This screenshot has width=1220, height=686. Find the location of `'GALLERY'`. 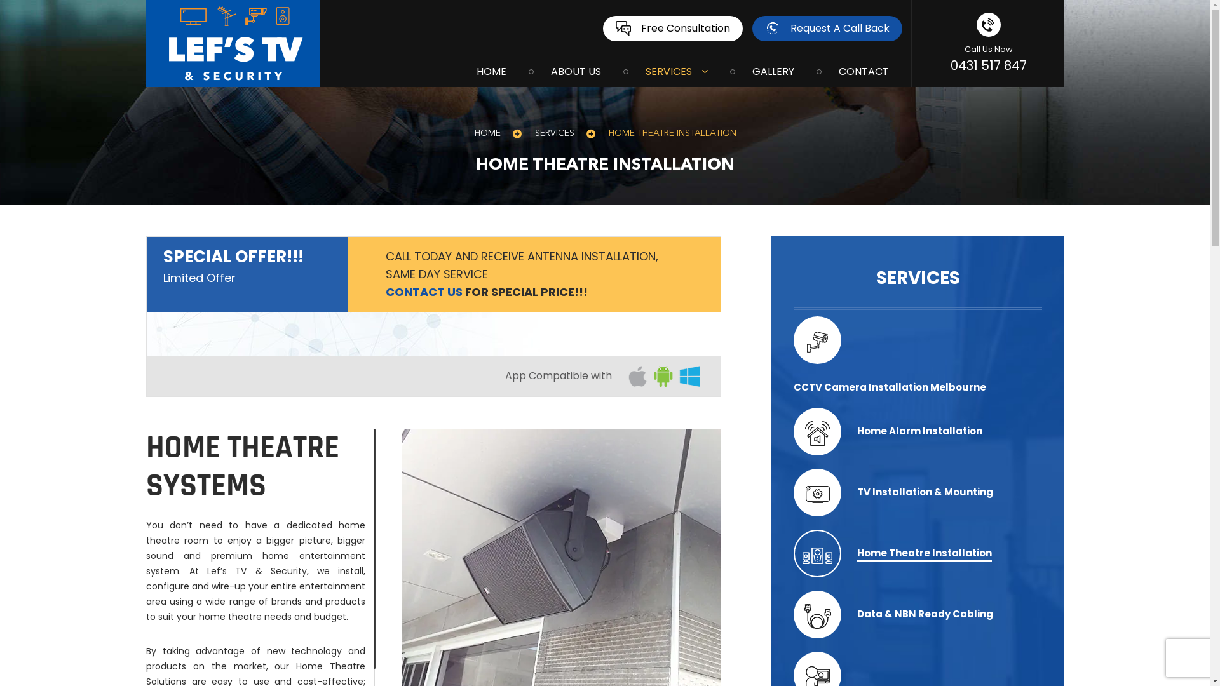

'GALLERY' is located at coordinates (729, 70).